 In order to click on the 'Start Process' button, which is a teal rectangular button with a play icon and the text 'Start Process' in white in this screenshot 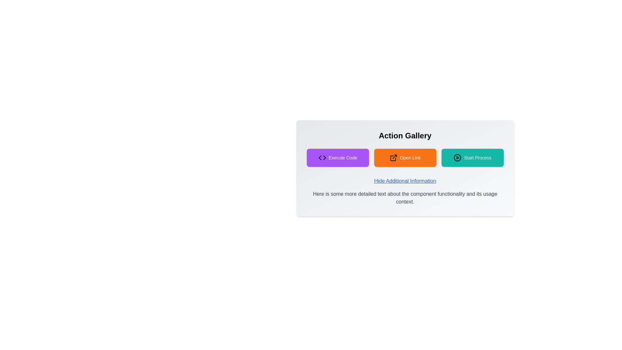, I will do `click(472, 157)`.